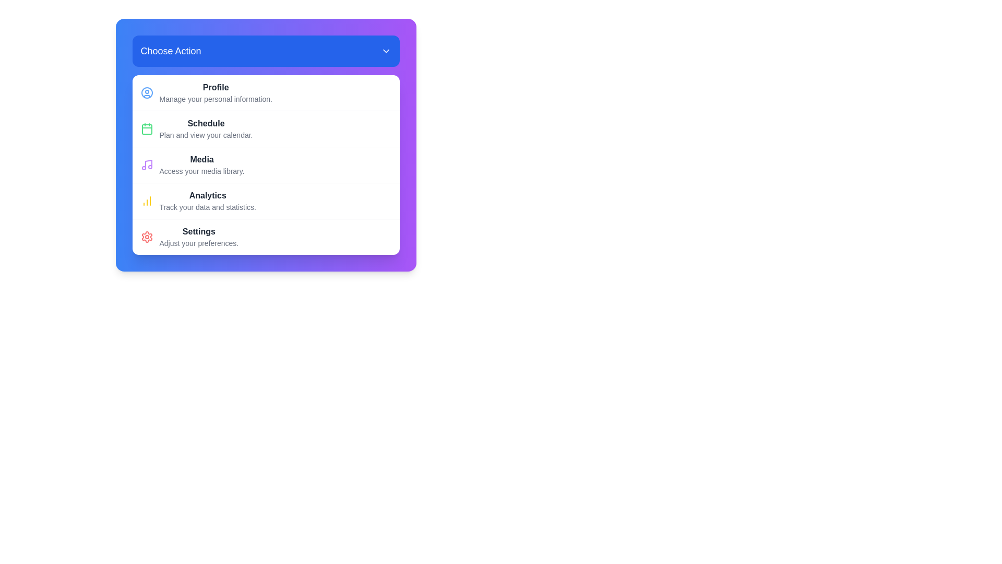 The height and width of the screenshot is (564, 1002). What do you see at coordinates (146, 201) in the screenshot?
I see `the 'Analytics' graphical icon, which represents data or statistics functionalities in the dropdown menu, located at the leftmost side of the 'Analytics' option` at bounding box center [146, 201].